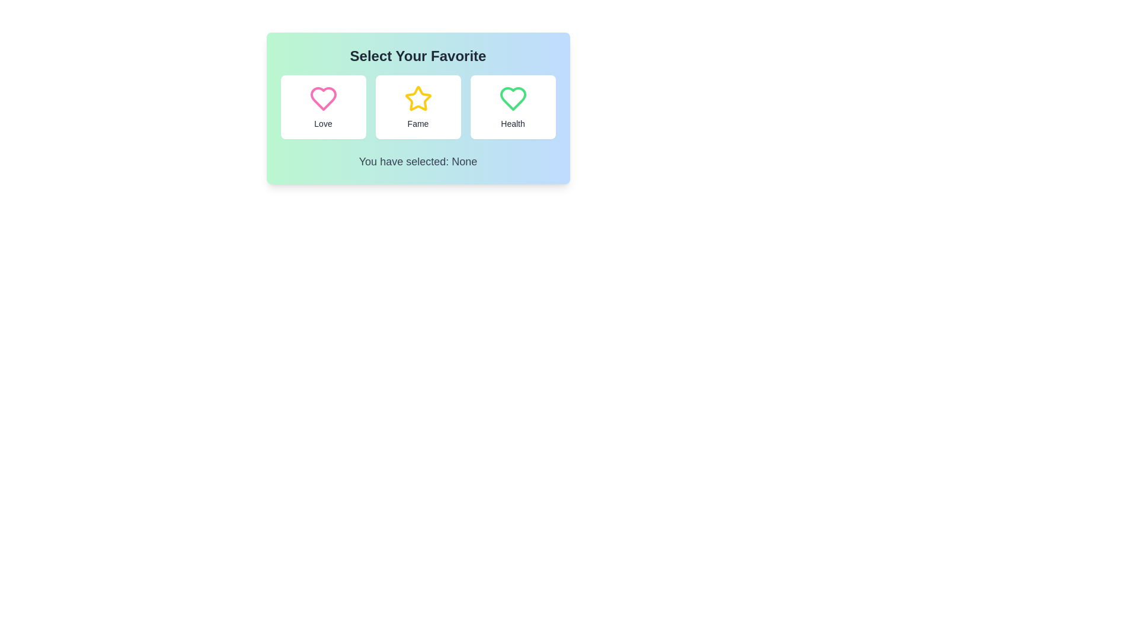 This screenshot has width=1138, height=640. What do you see at coordinates (418, 107) in the screenshot?
I see `the 'Fame' button to select it` at bounding box center [418, 107].